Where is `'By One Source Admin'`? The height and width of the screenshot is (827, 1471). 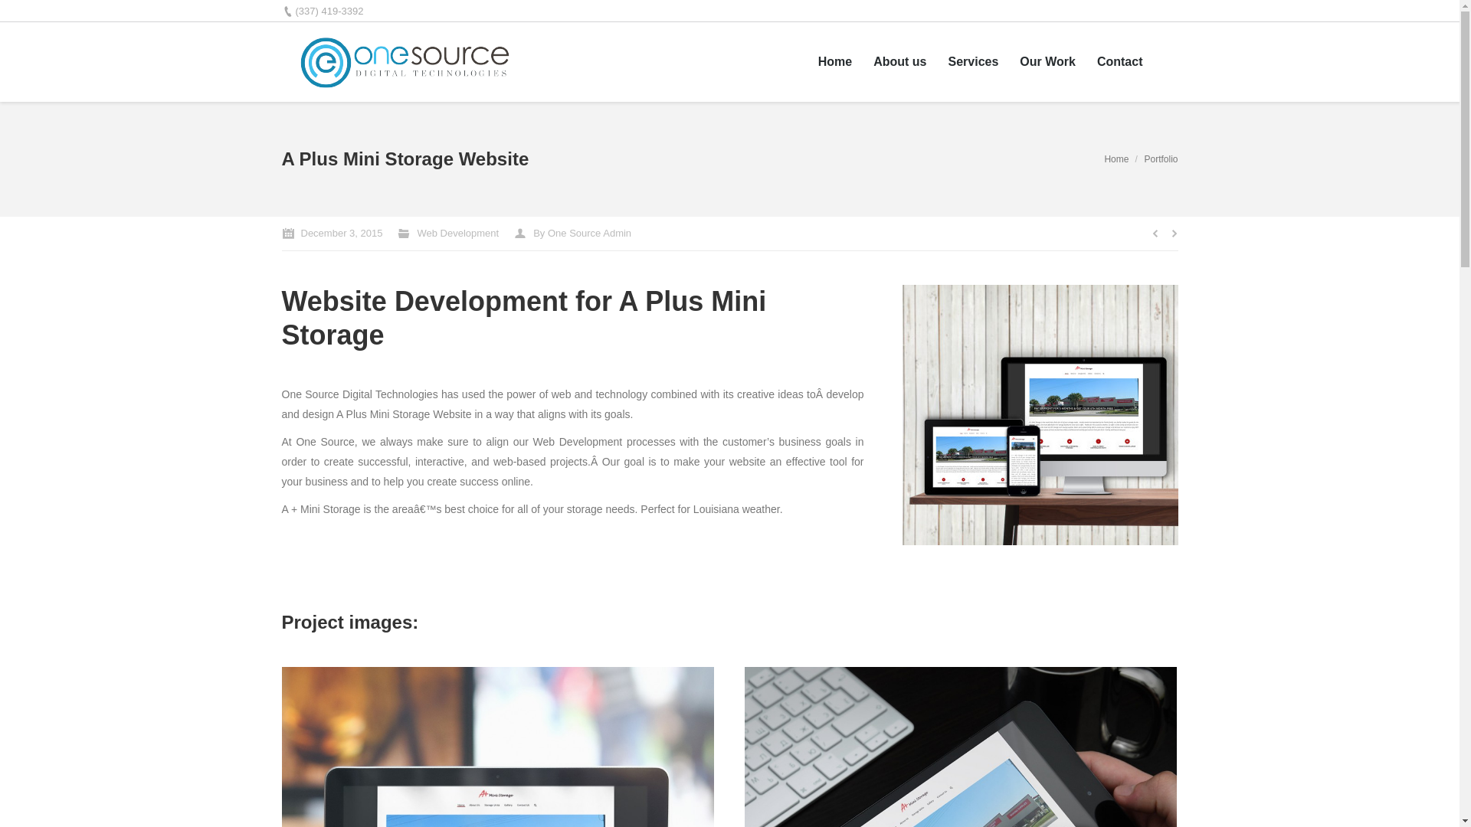 'By One Source Admin' is located at coordinates (572, 233).